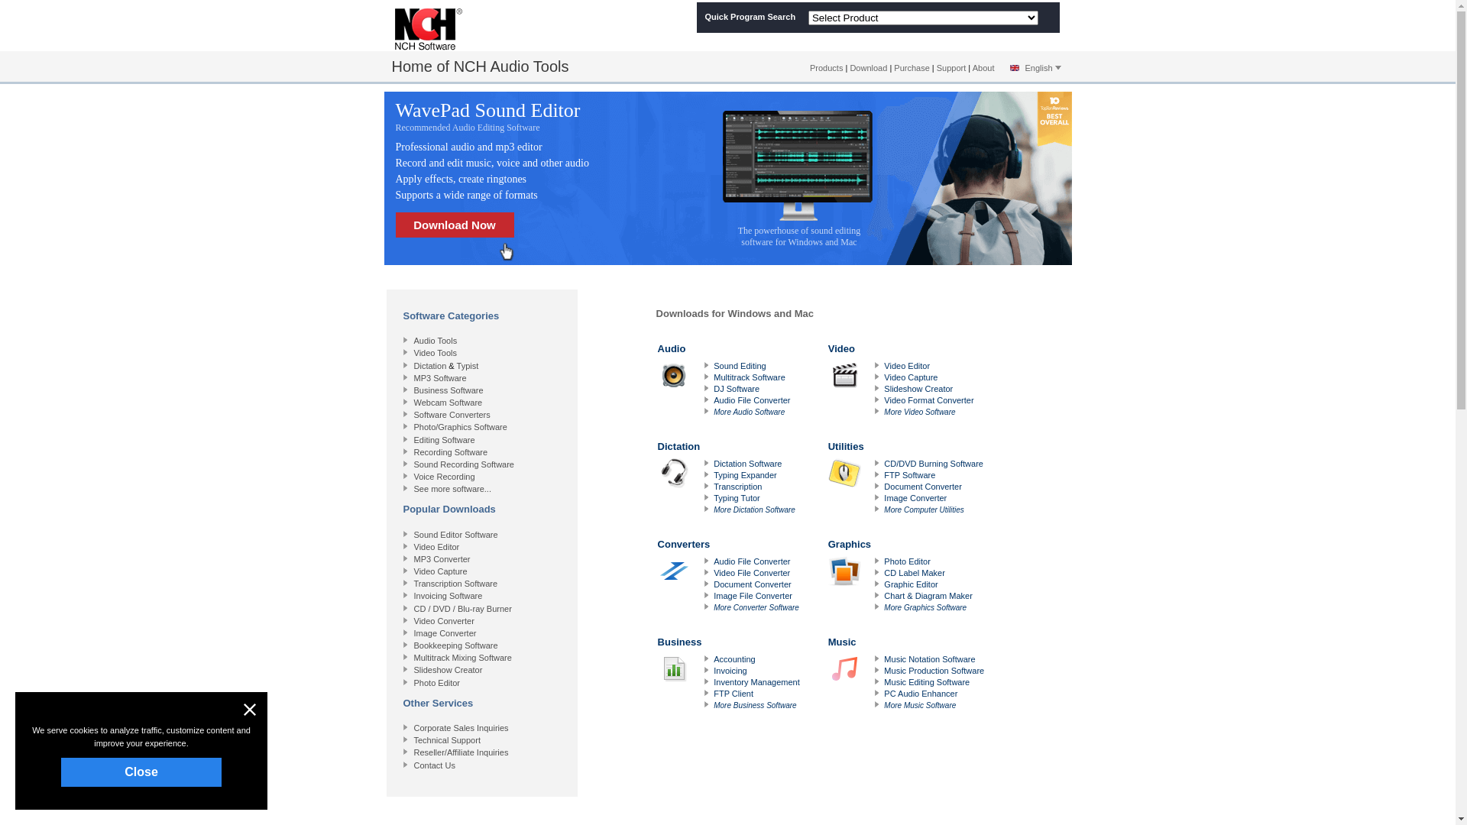 Image resolution: width=1467 pixels, height=825 pixels. Describe the element at coordinates (747, 462) in the screenshot. I see `'Dictation Software'` at that location.